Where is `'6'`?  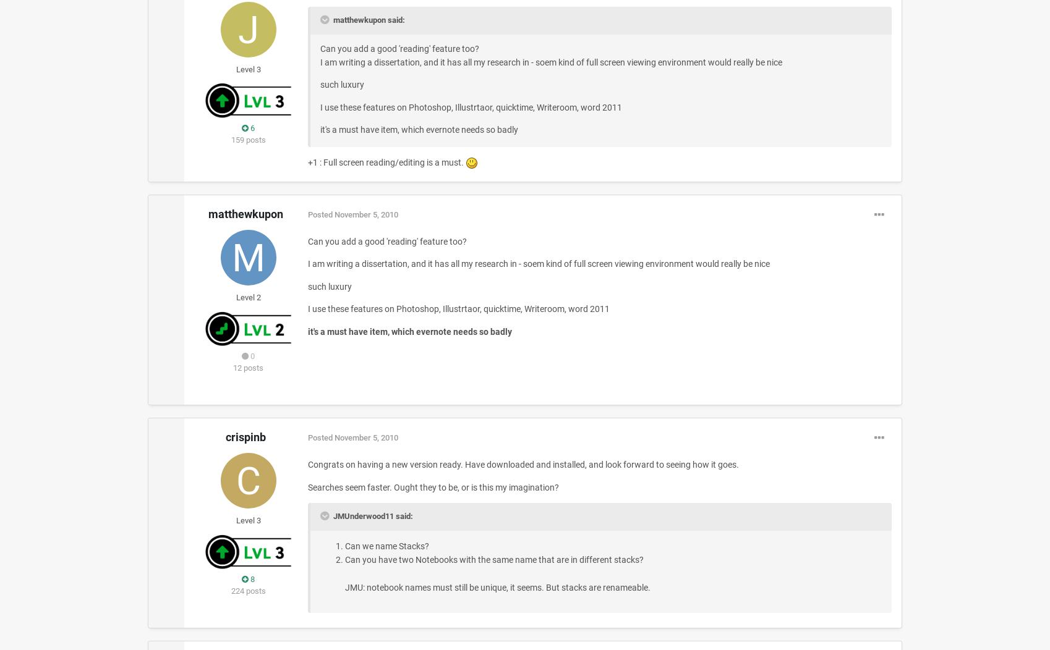 '6' is located at coordinates (252, 127).